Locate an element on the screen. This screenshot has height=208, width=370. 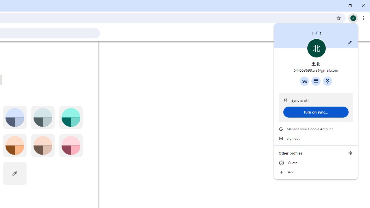
'Addresses and more' is located at coordinates (328, 81).